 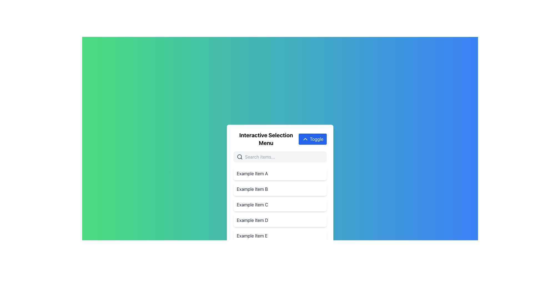 What do you see at coordinates (313, 139) in the screenshot?
I see `the toggle button in the upper-right corner of the 'Interactive Selection Menu' header` at bounding box center [313, 139].